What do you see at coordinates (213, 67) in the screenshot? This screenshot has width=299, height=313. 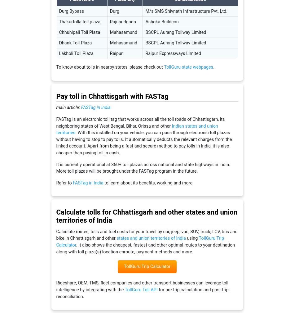 I see `'.'` at bounding box center [213, 67].